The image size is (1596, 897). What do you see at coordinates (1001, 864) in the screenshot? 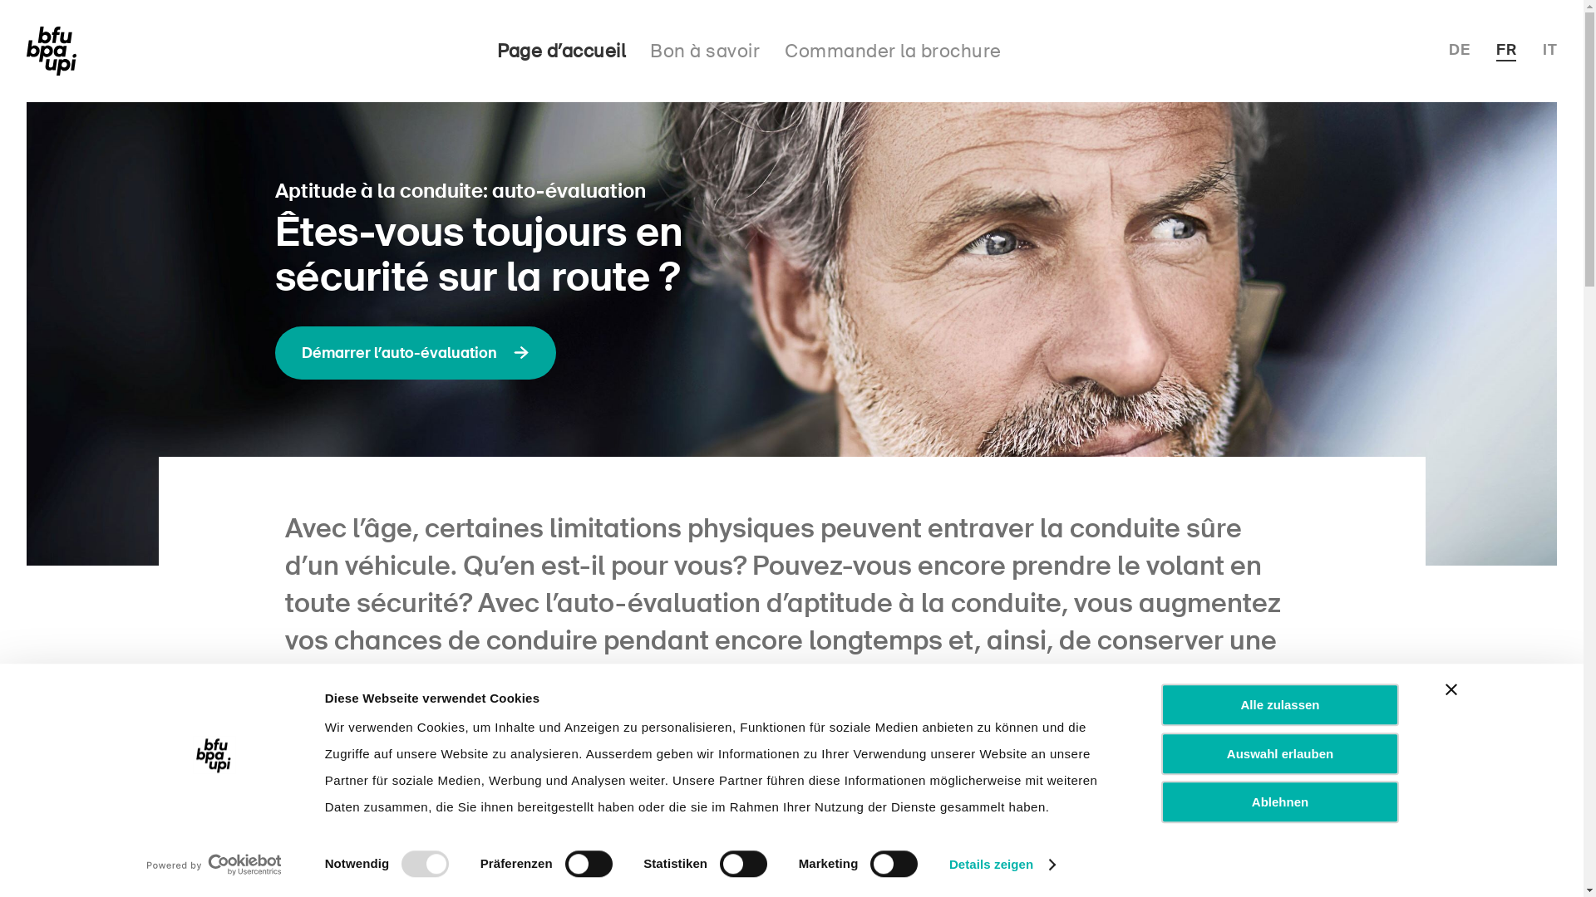
I see `'Details zeigen'` at bounding box center [1001, 864].